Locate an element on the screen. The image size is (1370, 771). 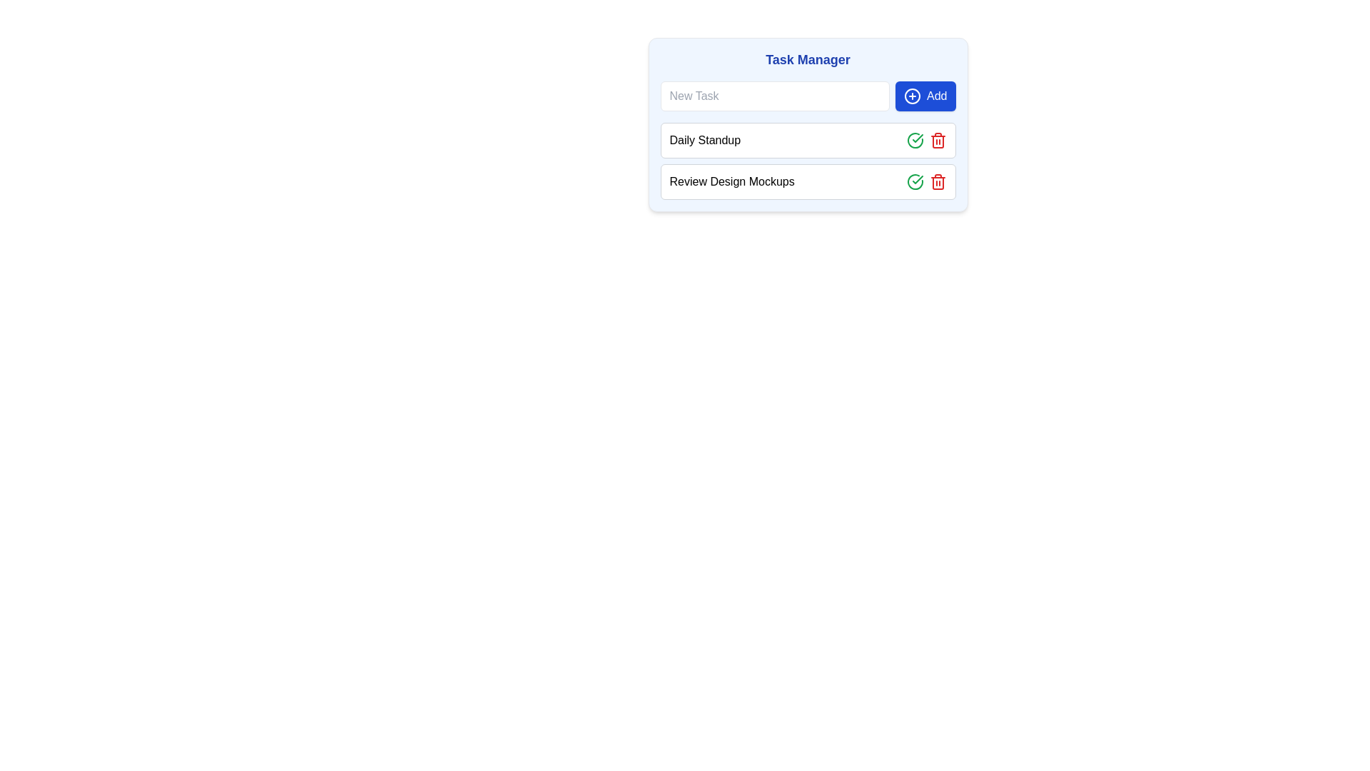
the button located in the upper-right corner of the task manager area is located at coordinates (925, 96).